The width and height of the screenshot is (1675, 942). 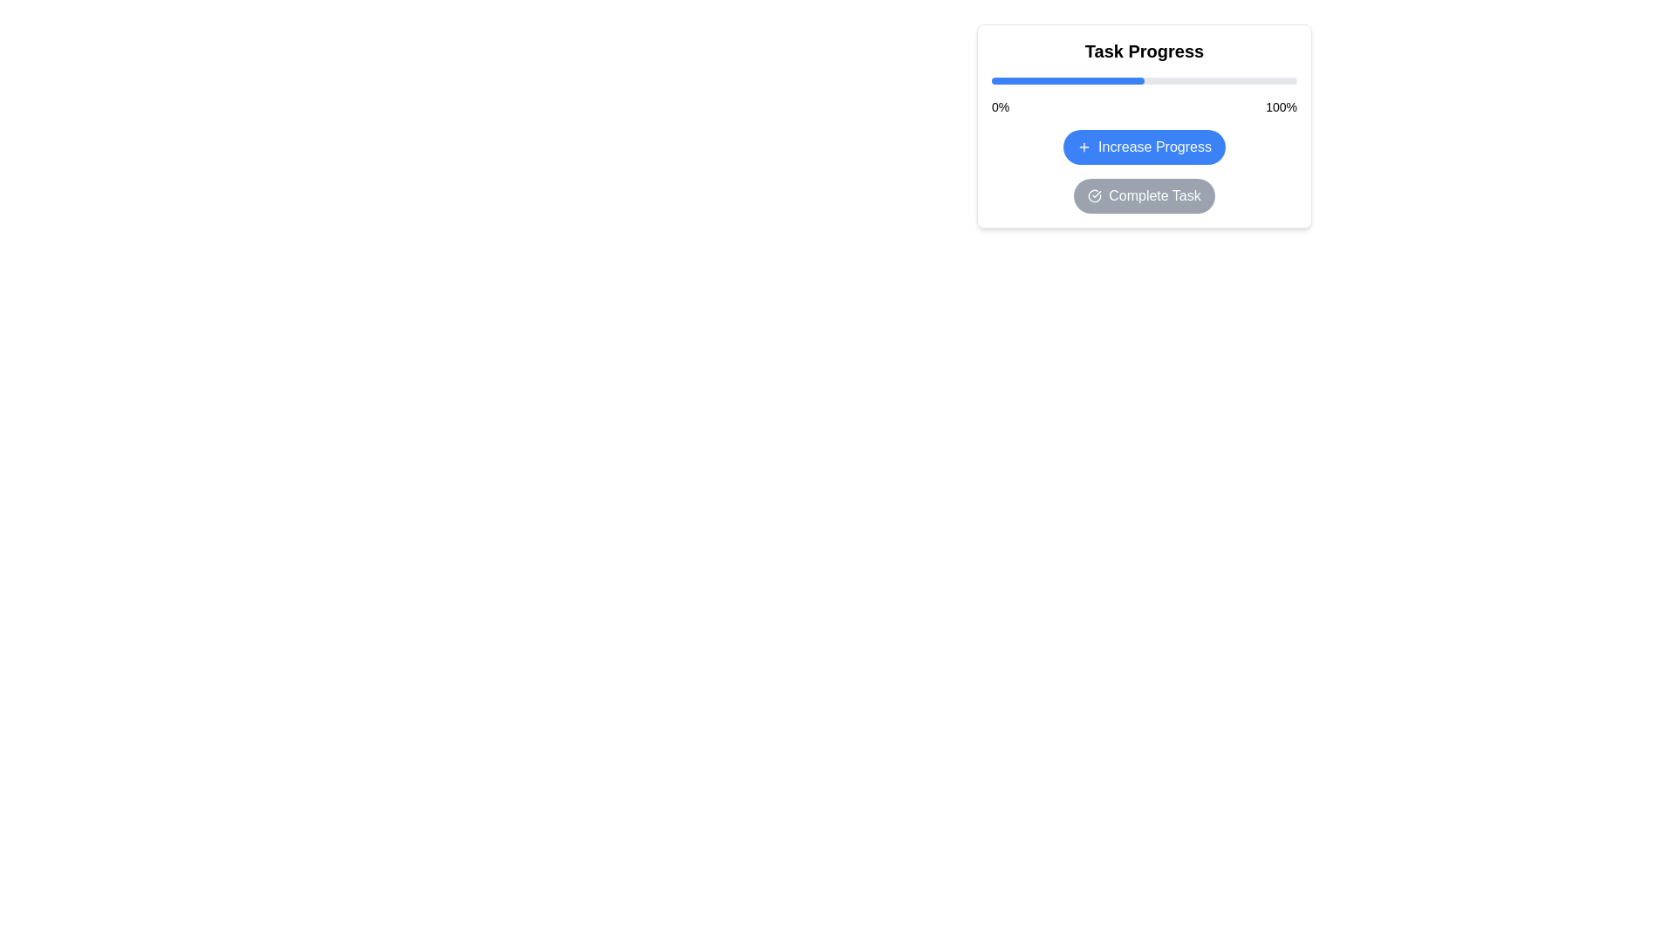 I want to click on the text label of the 'Increase Progress' button, which indicates its purpose to increase progress in the associated task, so click(x=1155, y=147).